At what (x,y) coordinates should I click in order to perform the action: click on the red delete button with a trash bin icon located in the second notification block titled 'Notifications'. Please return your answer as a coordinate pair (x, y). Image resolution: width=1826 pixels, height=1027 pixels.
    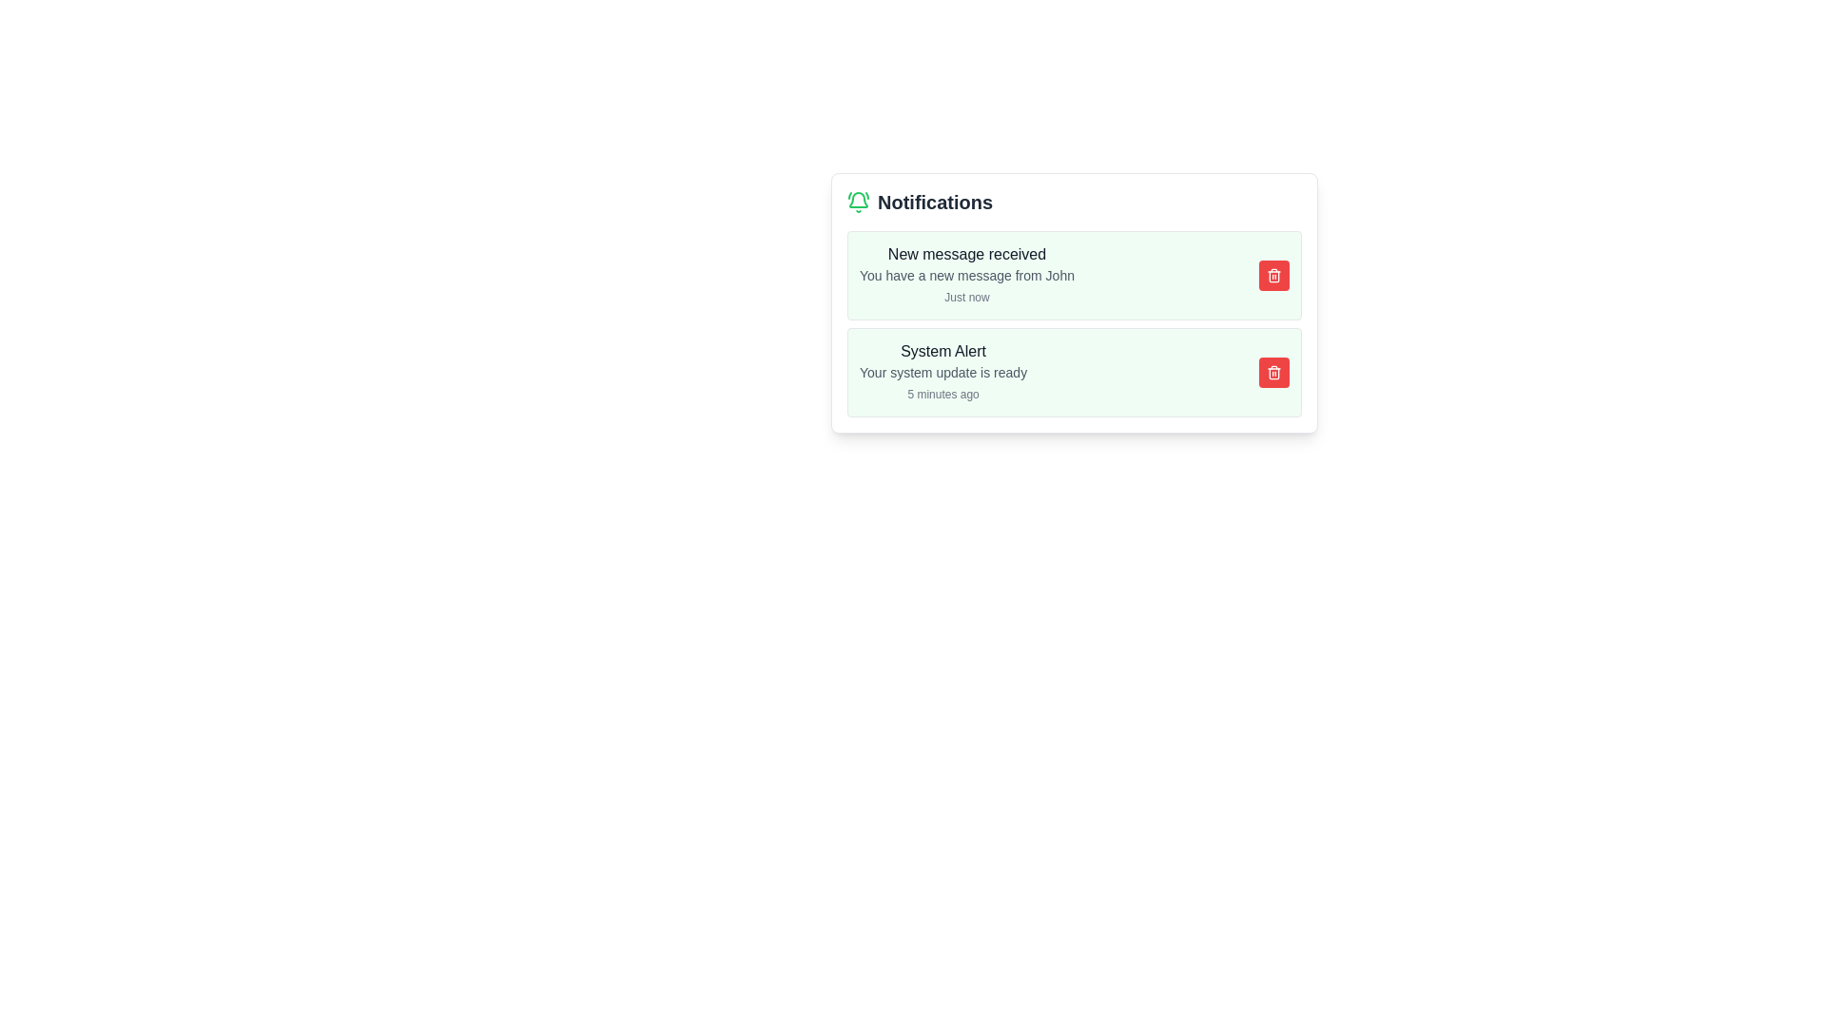
    Looking at the image, I should click on (1273, 373).